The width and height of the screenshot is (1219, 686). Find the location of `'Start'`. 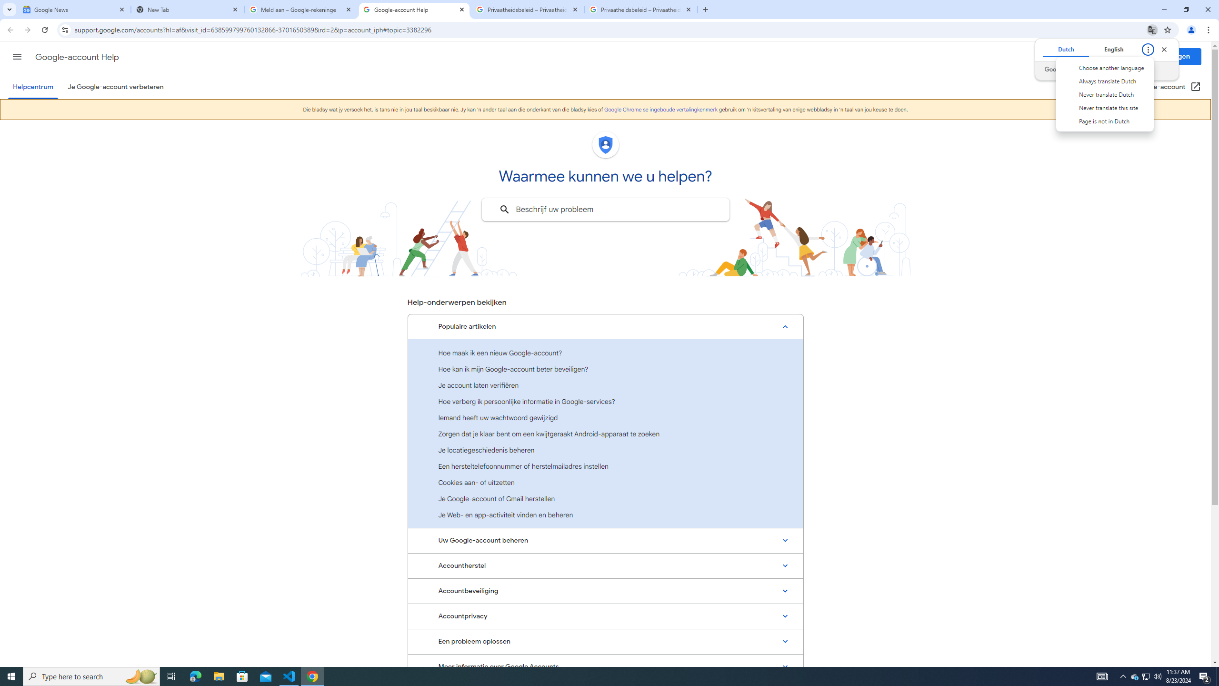

'Start' is located at coordinates (11, 676).